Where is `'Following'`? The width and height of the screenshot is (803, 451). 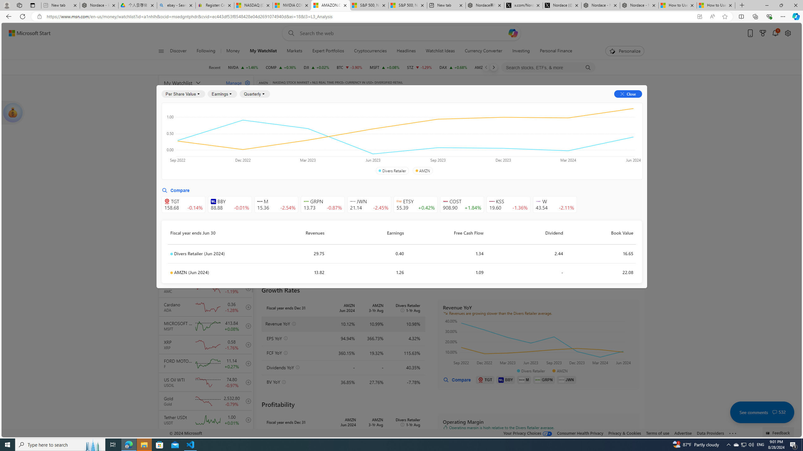
'Following' is located at coordinates (206, 51).